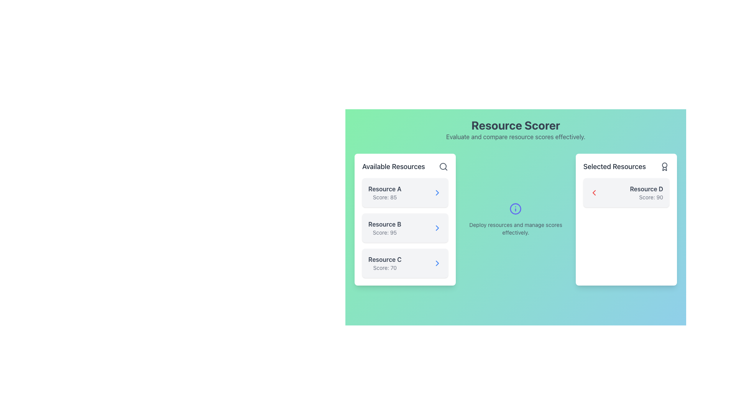  Describe the element at coordinates (384, 232) in the screenshot. I see `informational text displaying 'Score: 95' located beneath the label 'Resource B' in the 'Available Resources' section` at that location.